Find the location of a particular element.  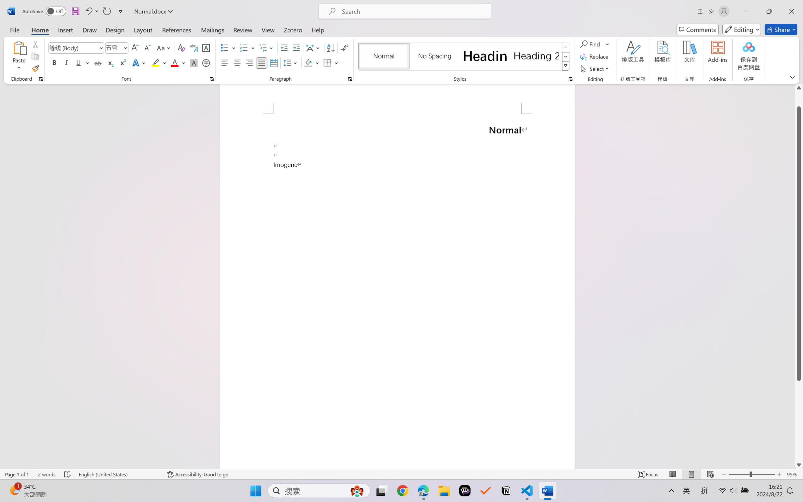

'Align Right' is located at coordinates (250, 62).